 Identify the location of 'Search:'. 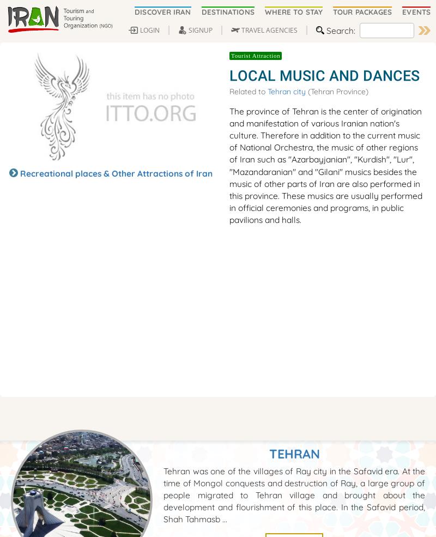
(341, 29).